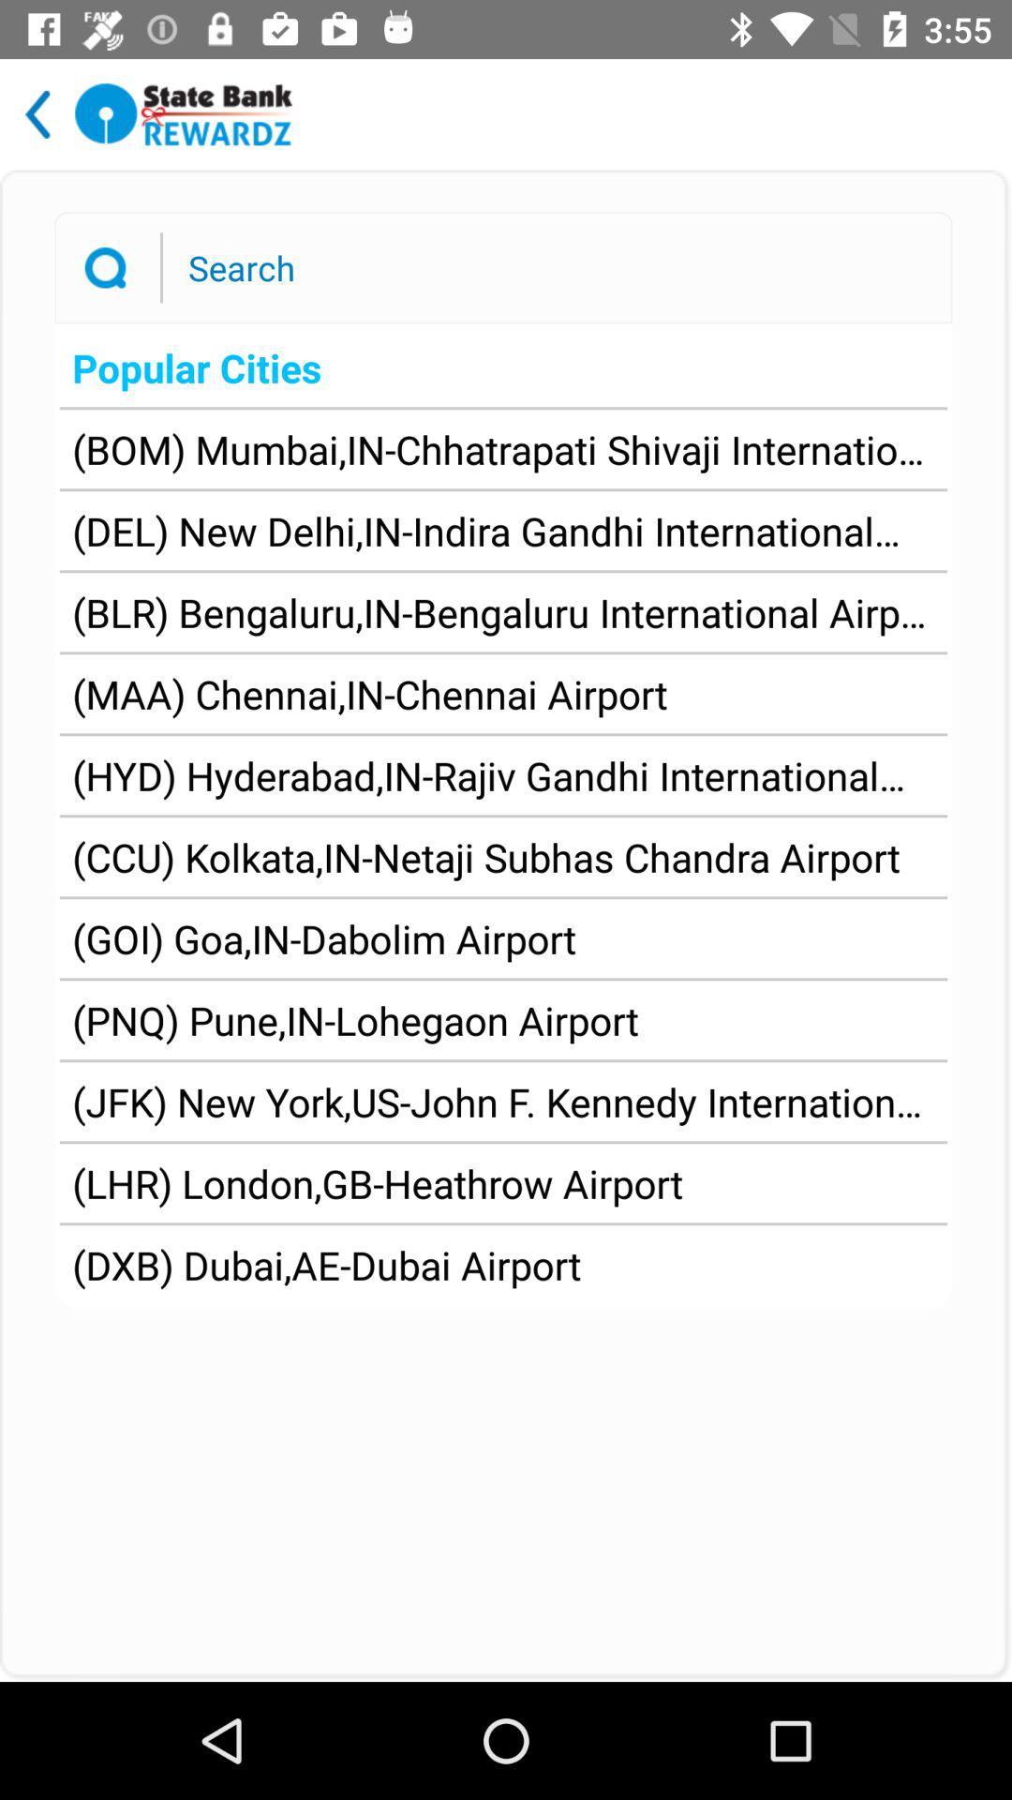 This screenshot has height=1800, width=1012. I want to click on the bom mumbai in app, so click(502, 448).